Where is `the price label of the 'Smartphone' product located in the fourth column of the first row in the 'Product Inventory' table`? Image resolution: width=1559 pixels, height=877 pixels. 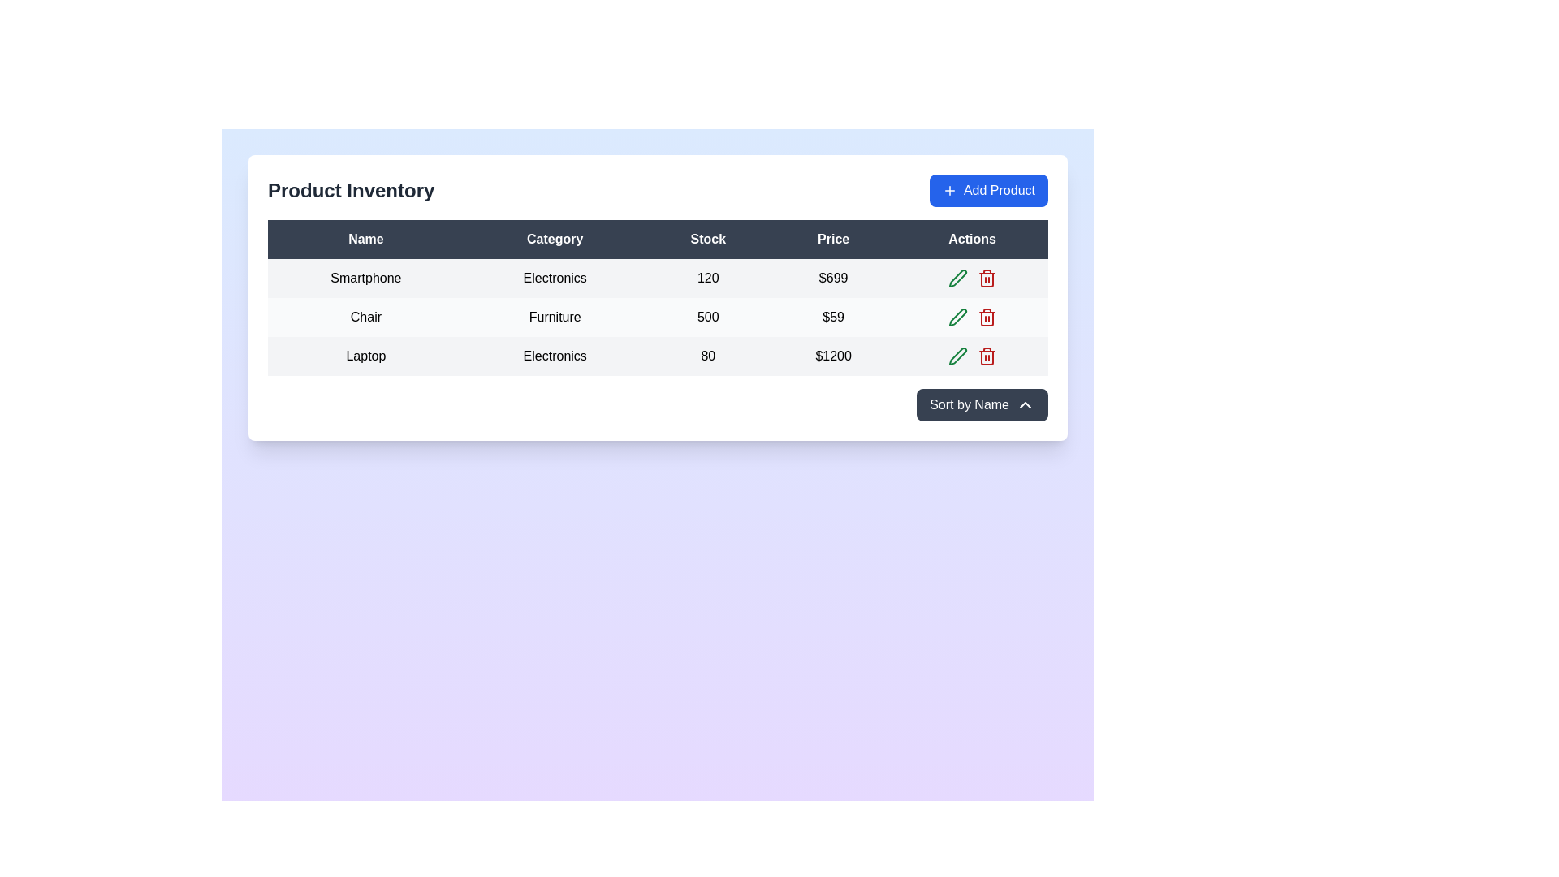 the price label of the 'Smartphone' product located in the fourth column of the first row in the 'Product Inventory' table is located at coordinates (833, 278).